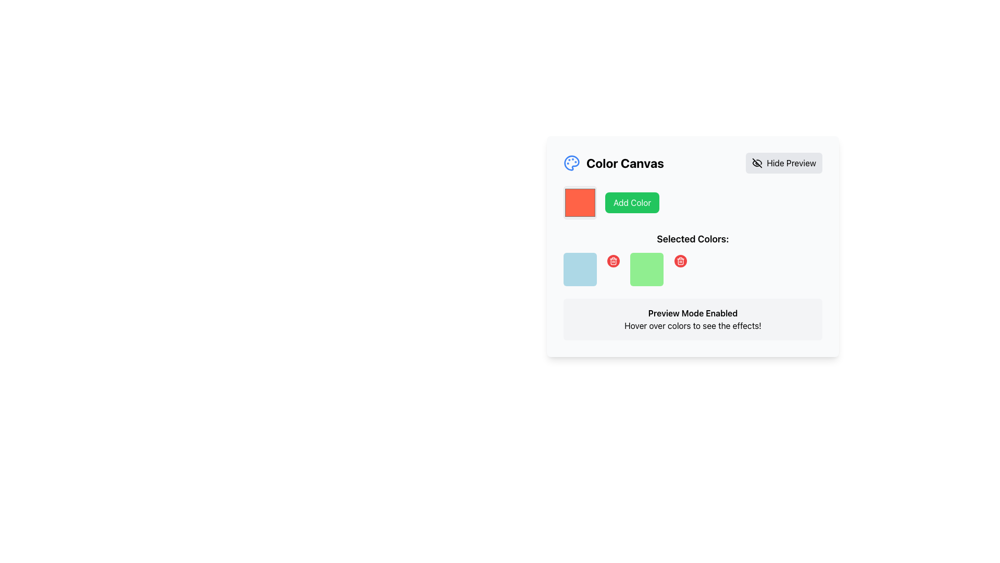 The width and height of the screenshot is (1000, 563). What do you see at coordinates (614, 261) in the screenshot?
I see `the circular red button with a trash can icon located at the top-right corner of the blue box in the 'Selected Colors' section` at bounding box center [614, 261].